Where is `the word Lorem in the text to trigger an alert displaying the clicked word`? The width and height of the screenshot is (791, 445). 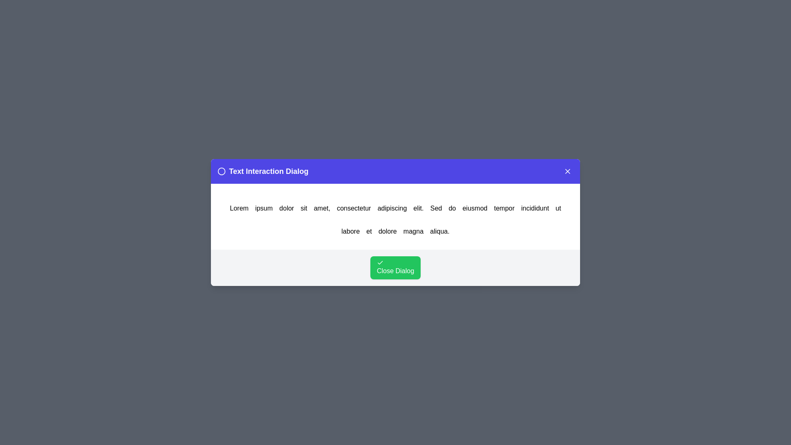
the word Lorem in the text to trigger an alert displaying the clicked word is located at coordinates (239, 208).